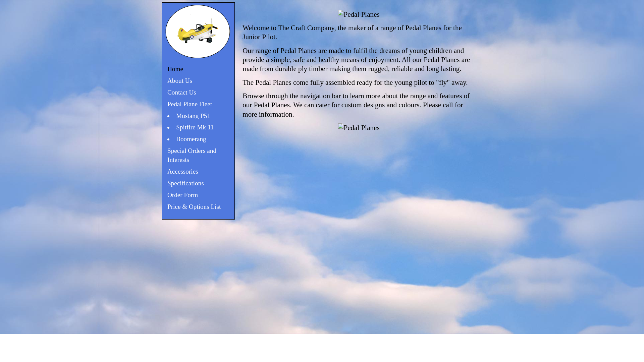  What do you see at coordinates (194, 206) in the screenshot?
I see `'Price & Options List'` at bounding box center [194, 206].